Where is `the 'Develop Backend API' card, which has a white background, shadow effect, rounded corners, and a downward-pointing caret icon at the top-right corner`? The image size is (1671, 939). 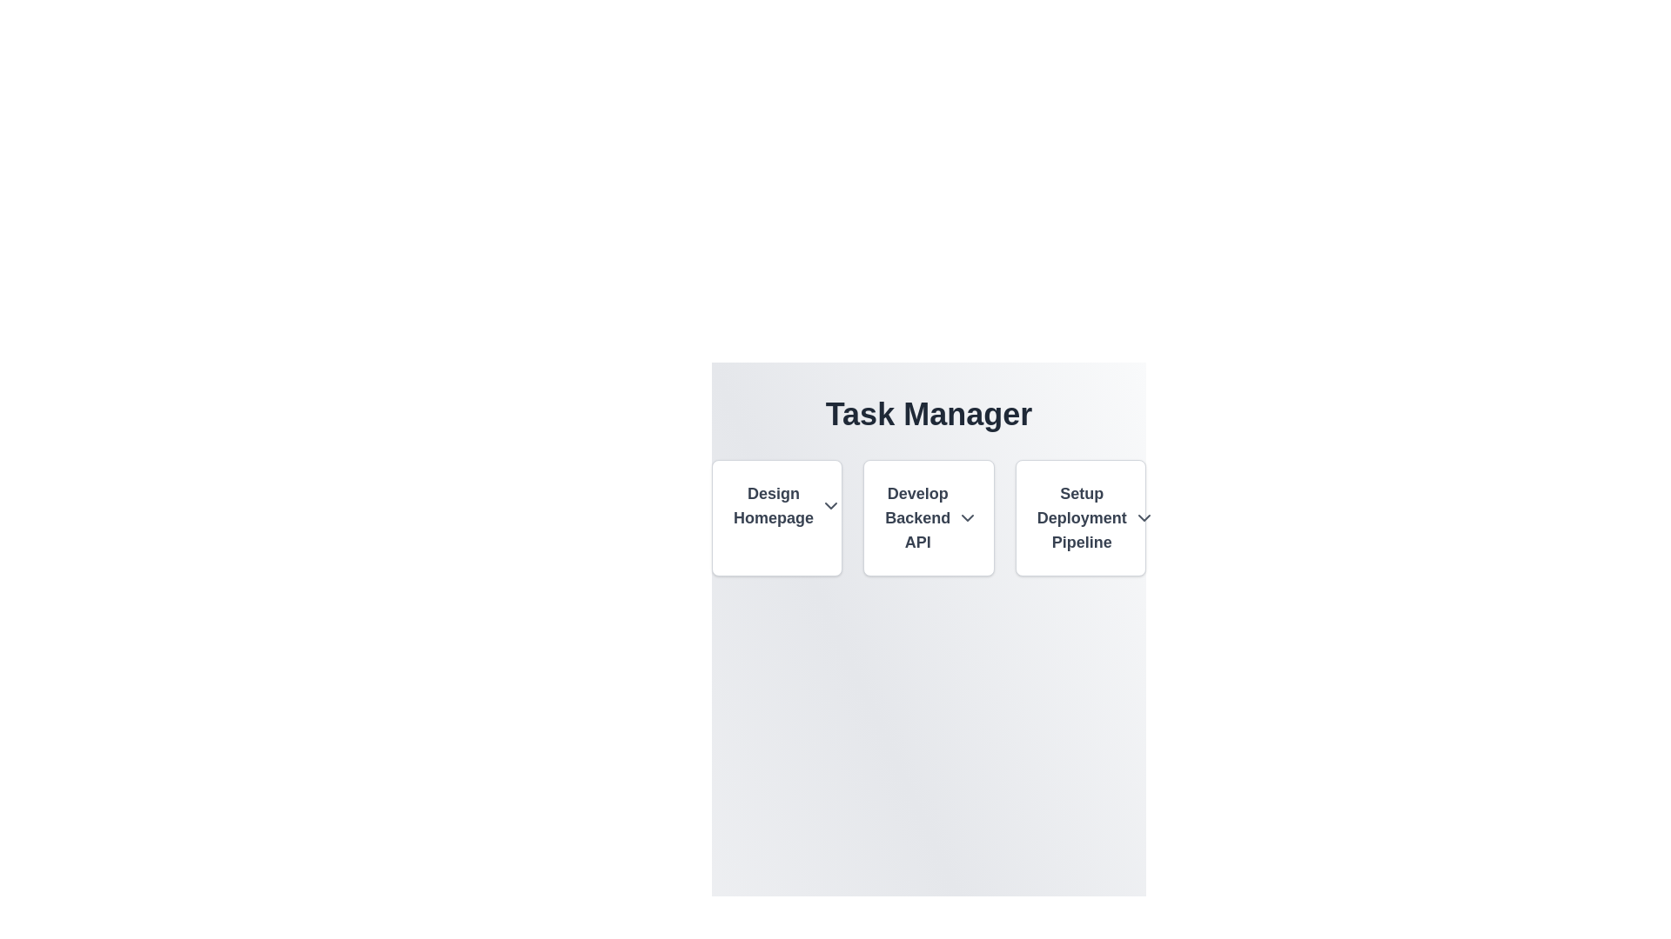
the 'Develop Backend API' card, which has a white background, shadow effect, rounded corners, and a downward-pointing caret icon at the top-right corner is located at coordinates (928, 517).